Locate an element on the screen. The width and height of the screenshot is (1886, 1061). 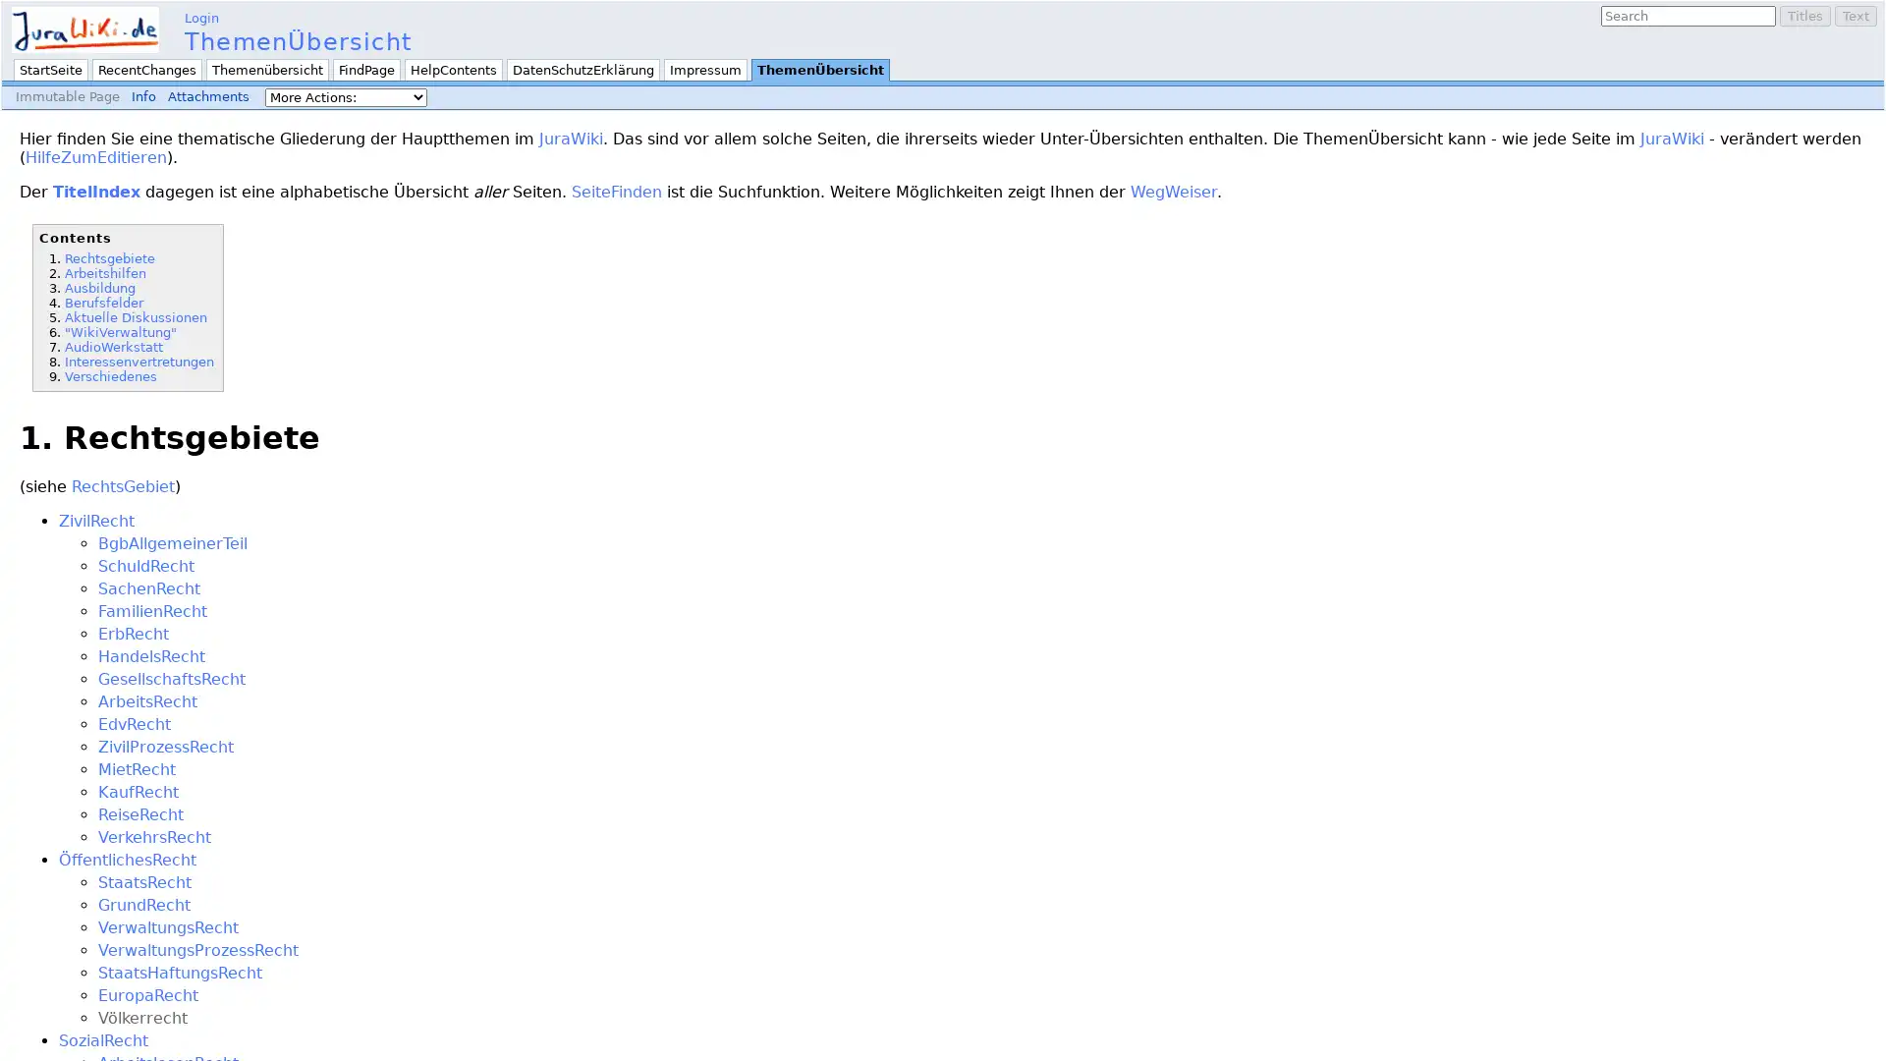
Text is located at coordinates (1855, 16).